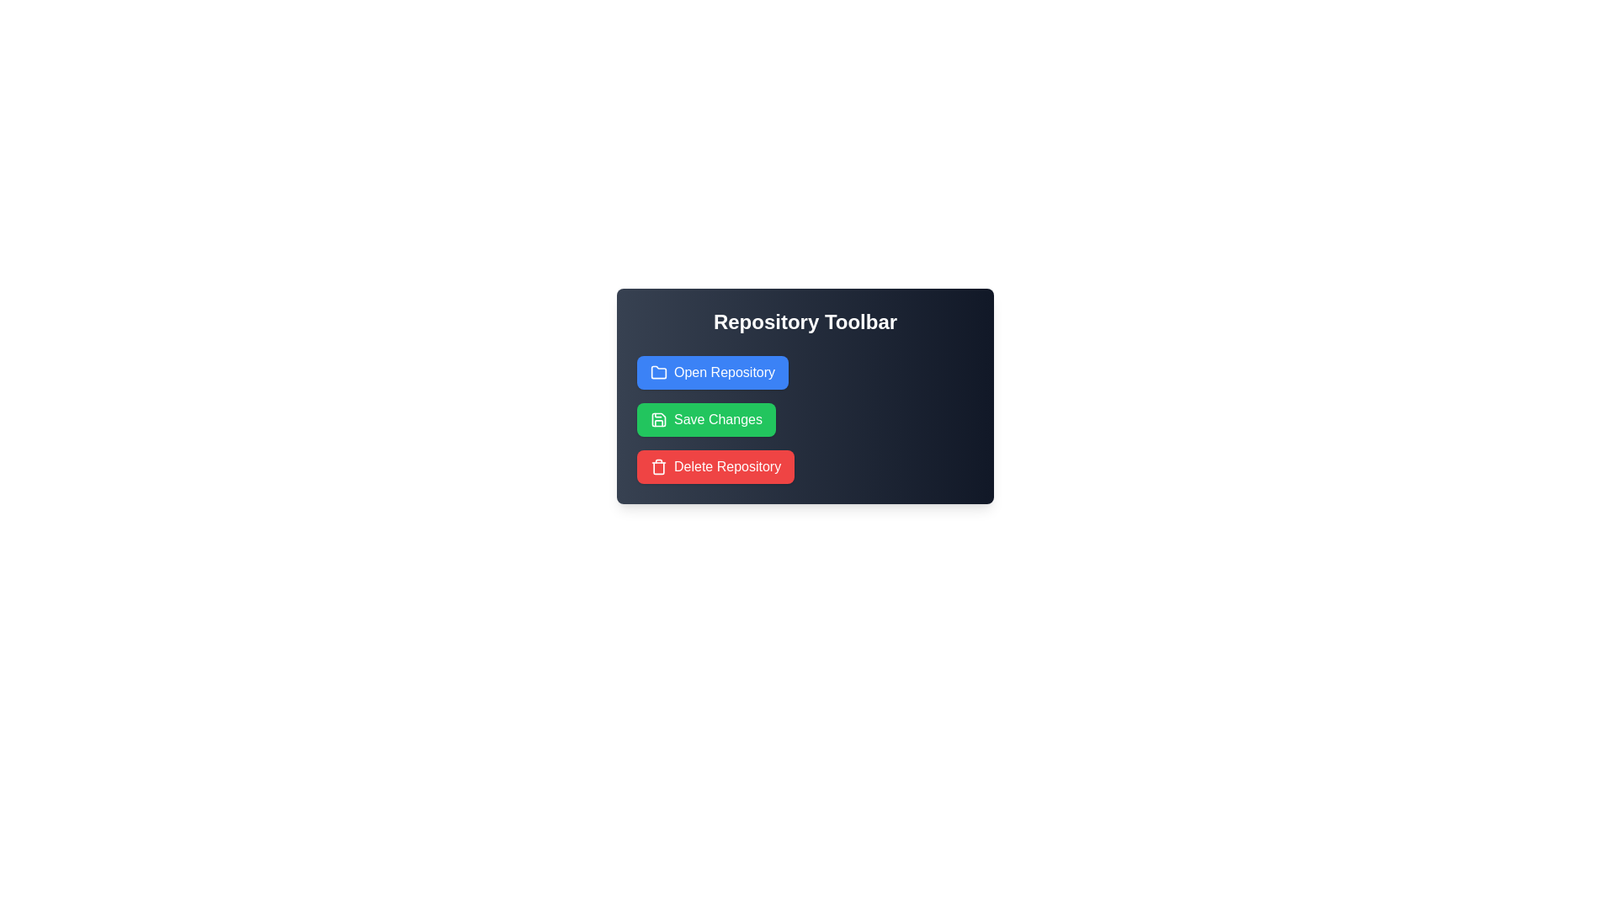 The height and width of the screenshot is (909, 1616). What do you see at coordinates (804, 396) in the screenshot?
I see `the Toolbar component containing the 'Open Repository', 'Save Changes', and 'Delete Repository' buttons` at bounding box center [804, 396].